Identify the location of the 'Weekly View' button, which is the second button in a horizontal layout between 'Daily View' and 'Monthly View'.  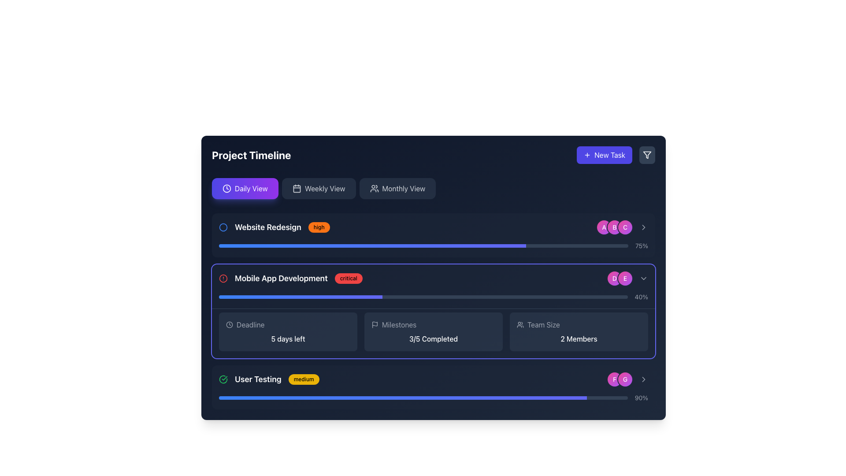
(318, 188).